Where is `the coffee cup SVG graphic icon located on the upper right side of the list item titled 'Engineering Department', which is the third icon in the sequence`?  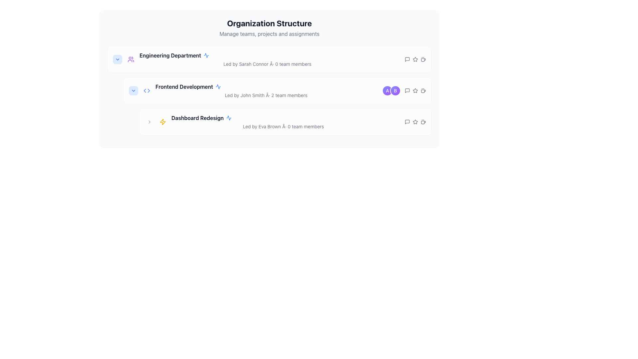 the coffee cup SVG graphic icon located on the upper right side of the list item titled 'Engineering Department', which is the third icon in the sequence is located at coordinates (423, 60).